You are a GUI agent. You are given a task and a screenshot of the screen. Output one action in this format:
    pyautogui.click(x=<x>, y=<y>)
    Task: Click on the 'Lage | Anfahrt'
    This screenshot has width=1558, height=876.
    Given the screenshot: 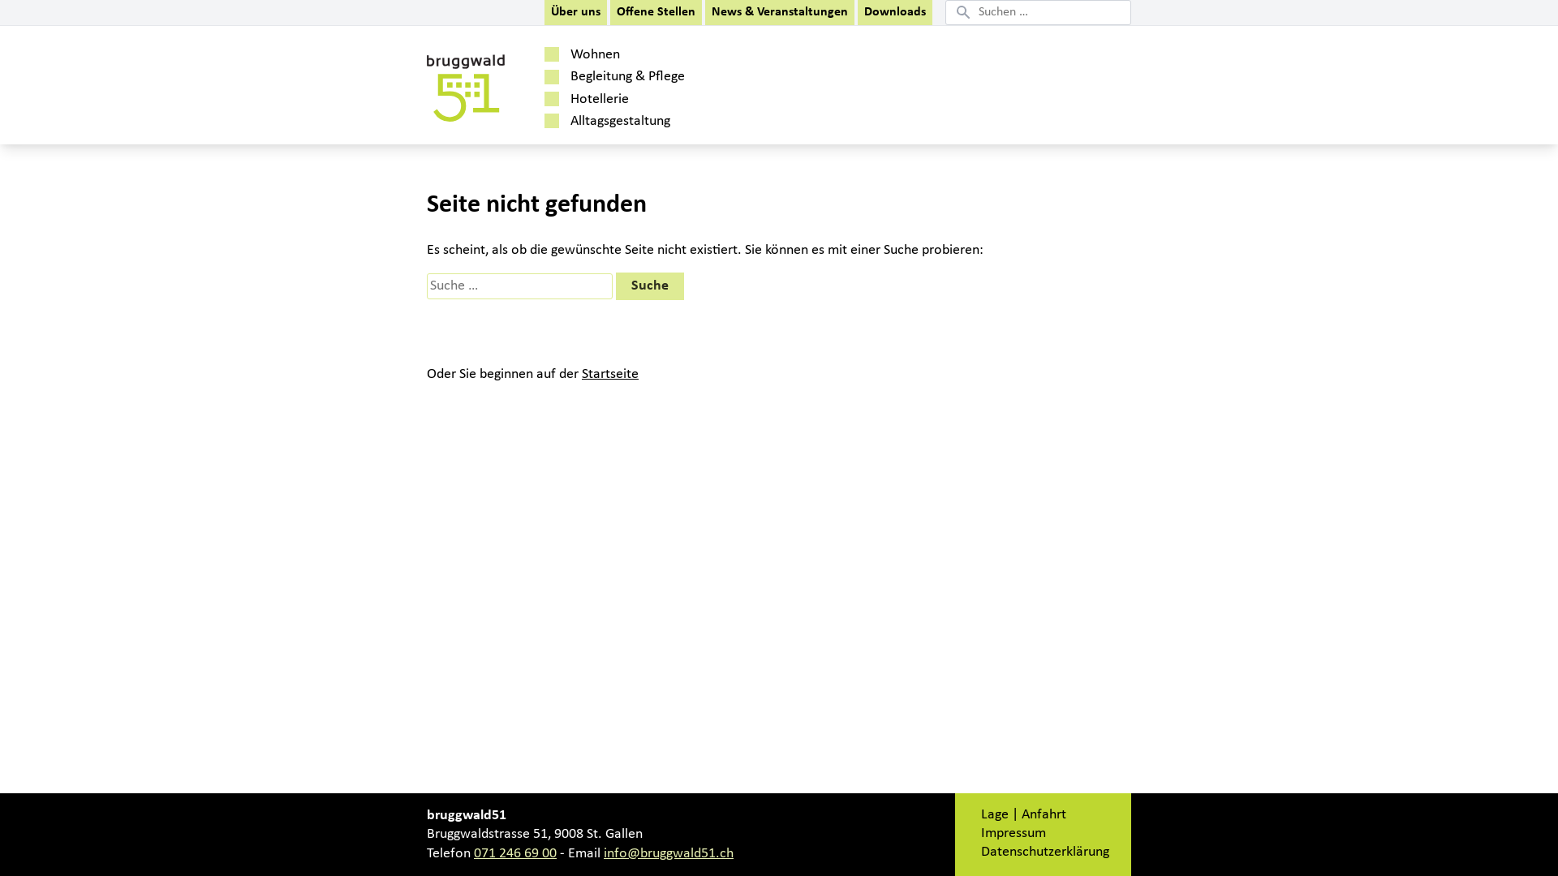 What is the action you would take?
    pyautogui.click(x=1022, y=814)
    